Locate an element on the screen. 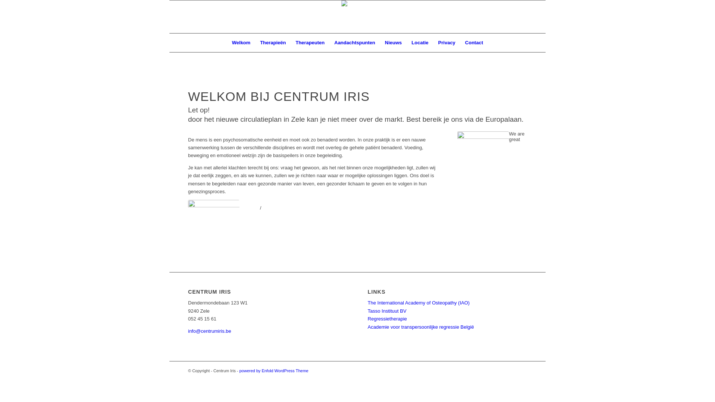 This screenshot has width=715, height=402. 'Therapeuten' is located at coordinates (310, 43).